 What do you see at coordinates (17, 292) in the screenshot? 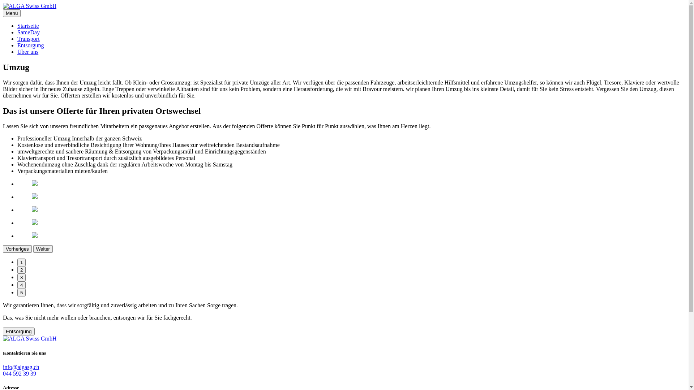
I see `'5'` at bounding box center [17, 292].